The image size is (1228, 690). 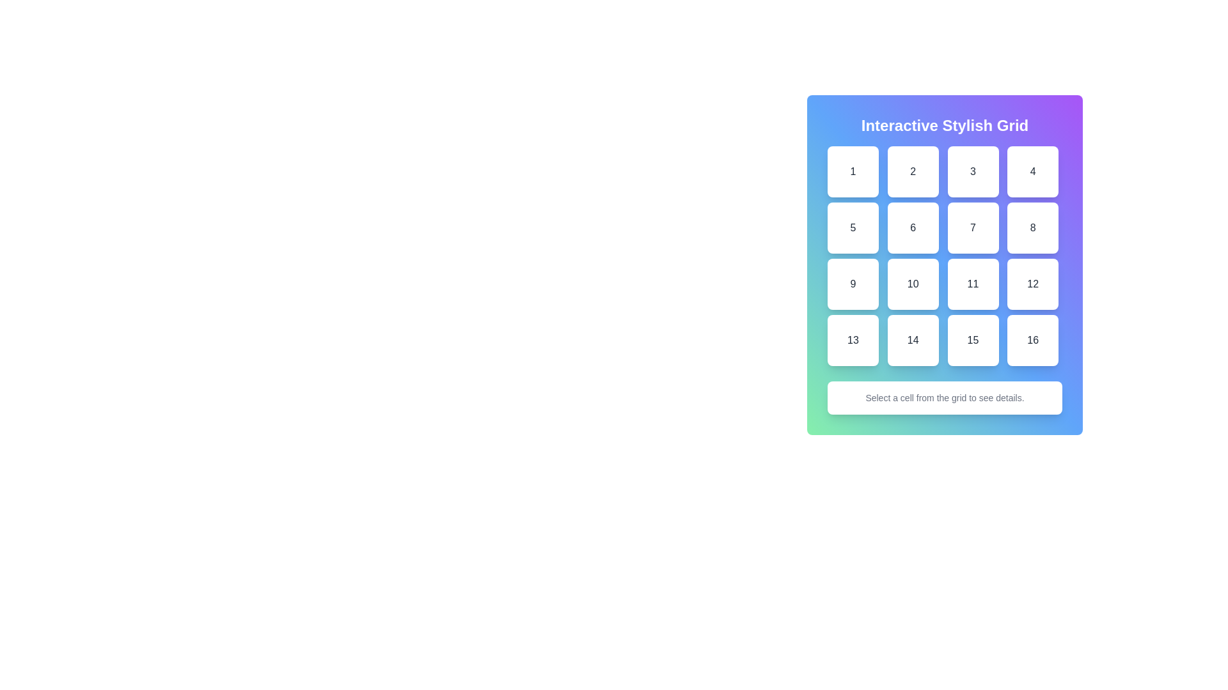 I want to click on the button marked with the number '1' in the upper-left corner of the 4x4 grid to trigger hover effects, so click(x=853, y=171).